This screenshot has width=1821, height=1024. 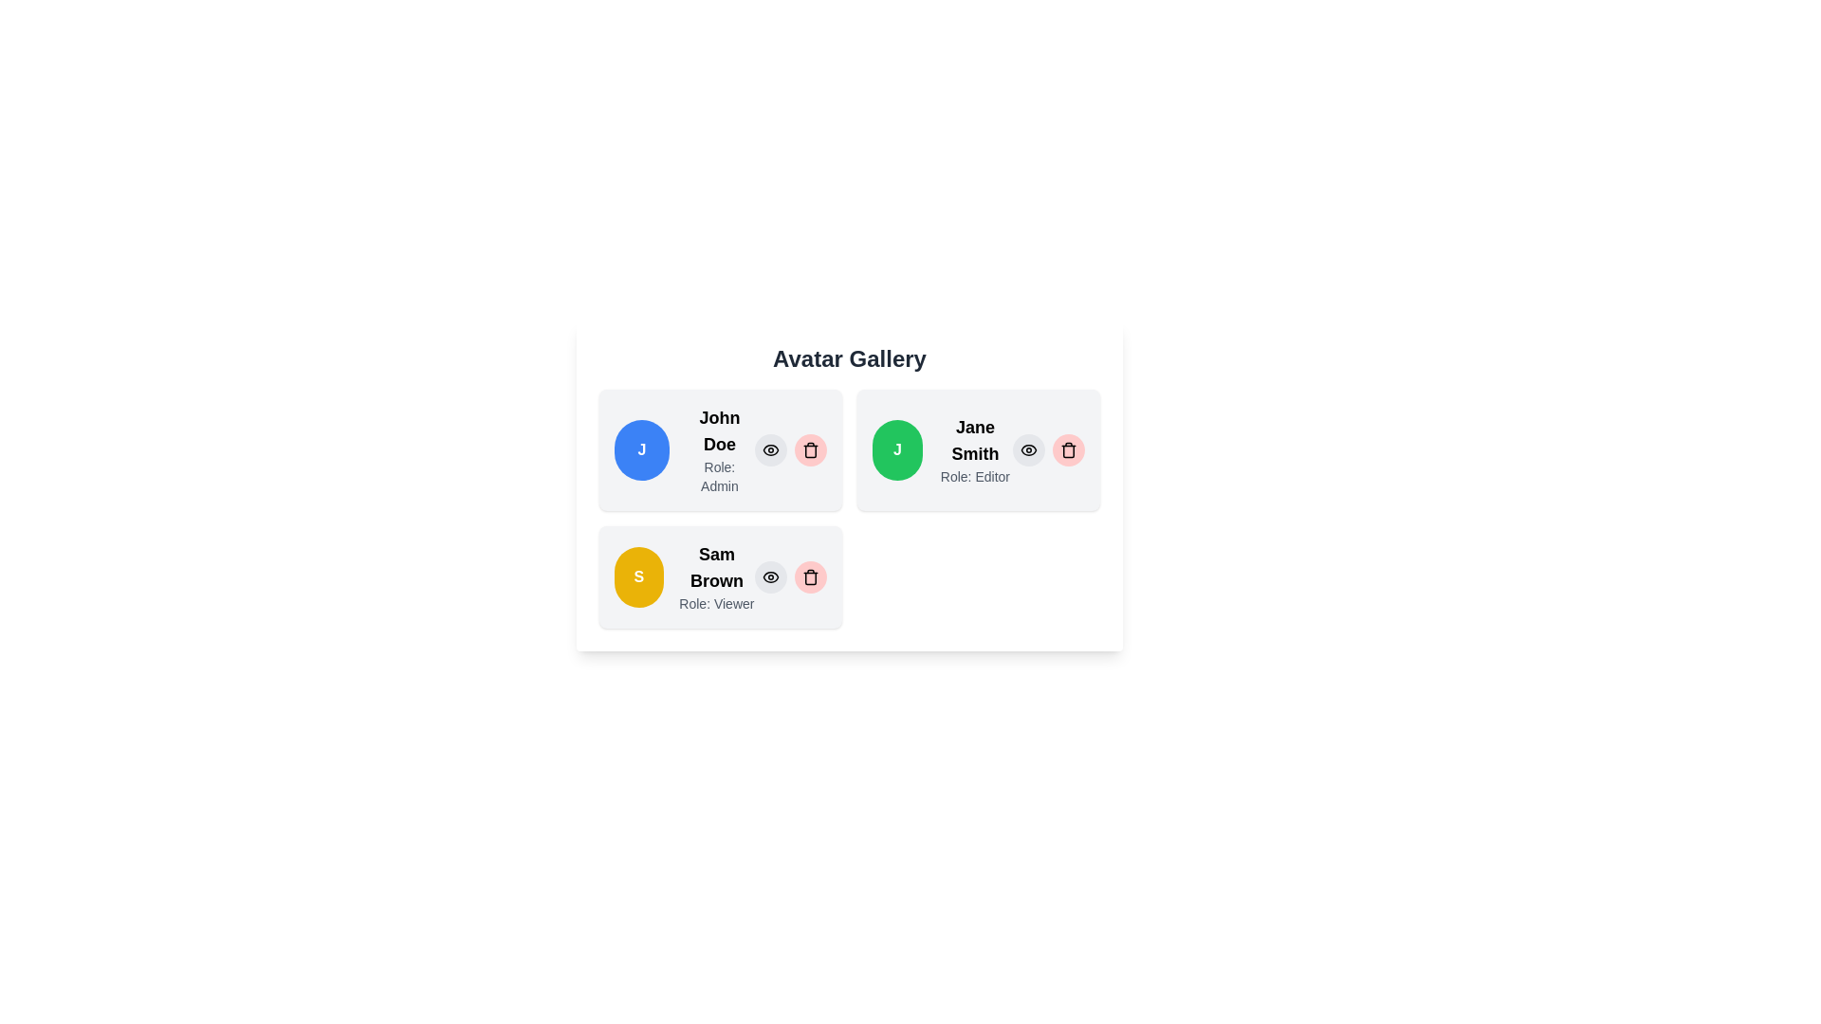 What do you see at coordinates (1069, 449) in the screenshot?
I see `the delete button located at the top-right of the card for user 'Jane Smith', positioned to the right of the eye icon button` at bounding box center [1069, 449].